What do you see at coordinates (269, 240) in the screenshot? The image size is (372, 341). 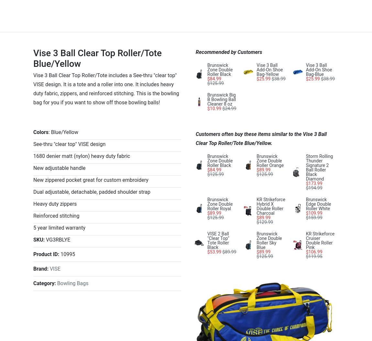 I see `'Brunswick Zone Double Roller Sky Blue'` at bounding box center [269, 240].